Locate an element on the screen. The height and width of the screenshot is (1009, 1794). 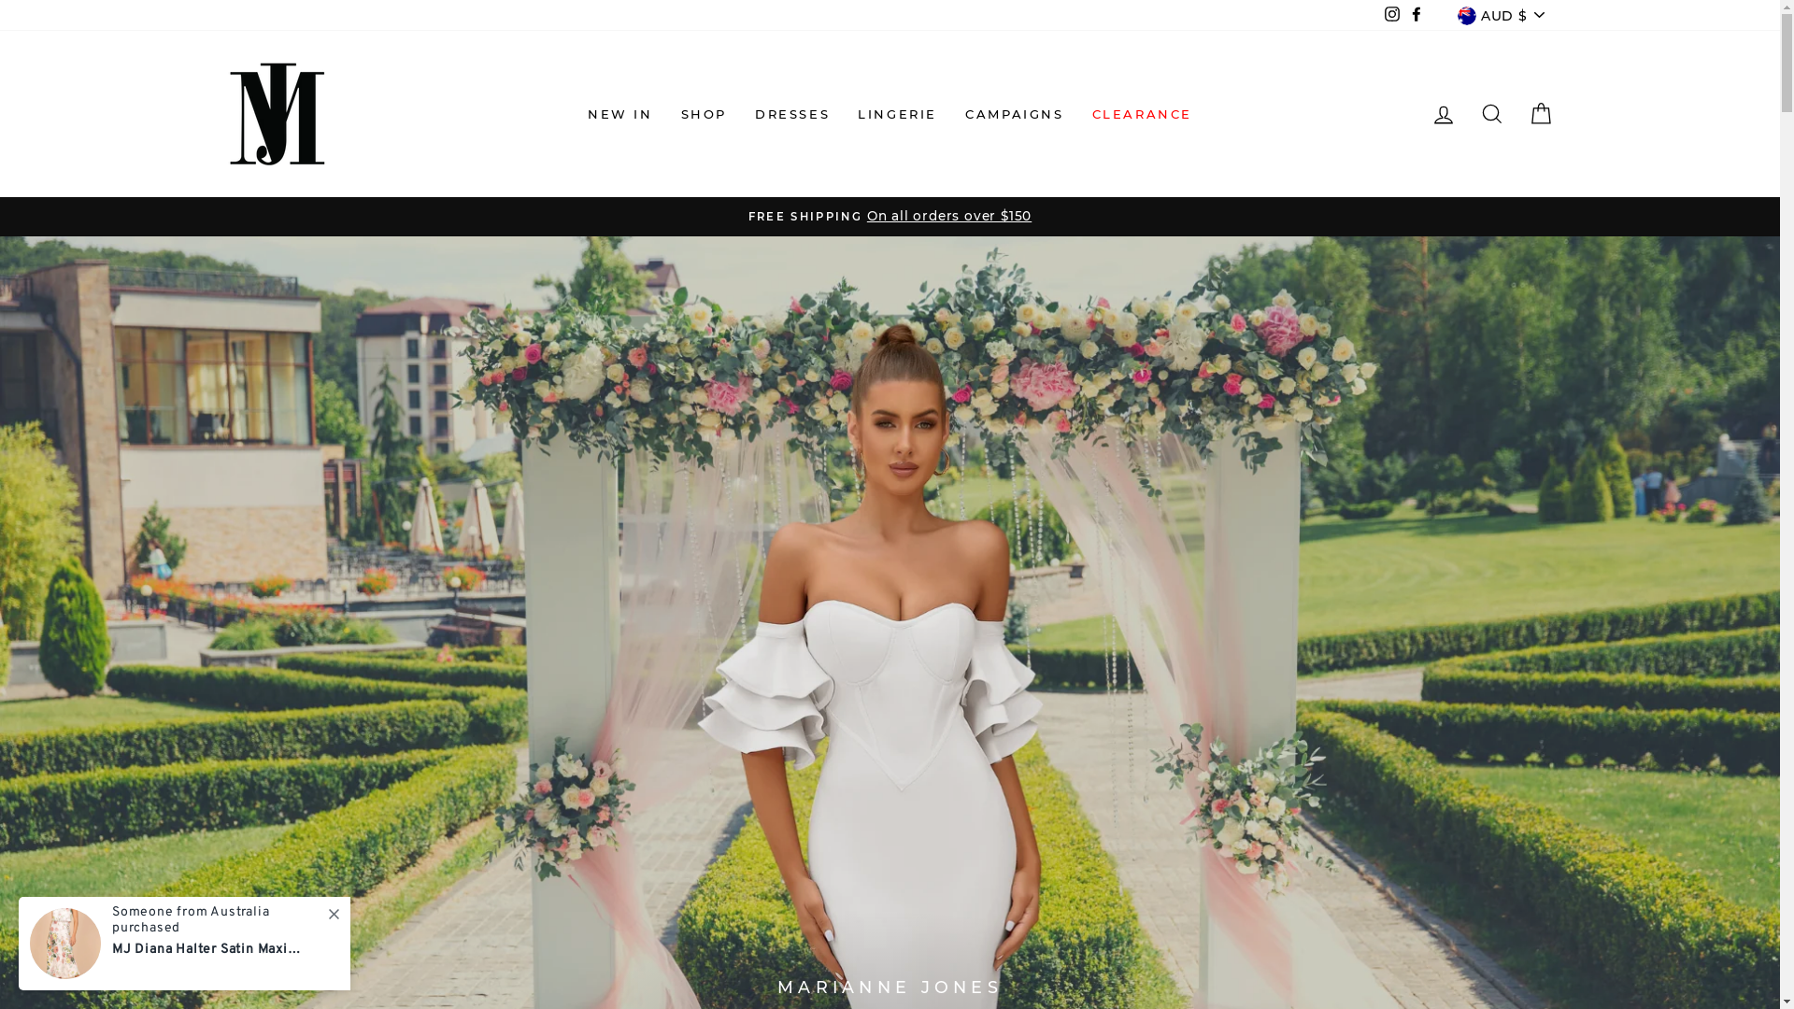
'DRESSES' is located at coordinates (792, 115).